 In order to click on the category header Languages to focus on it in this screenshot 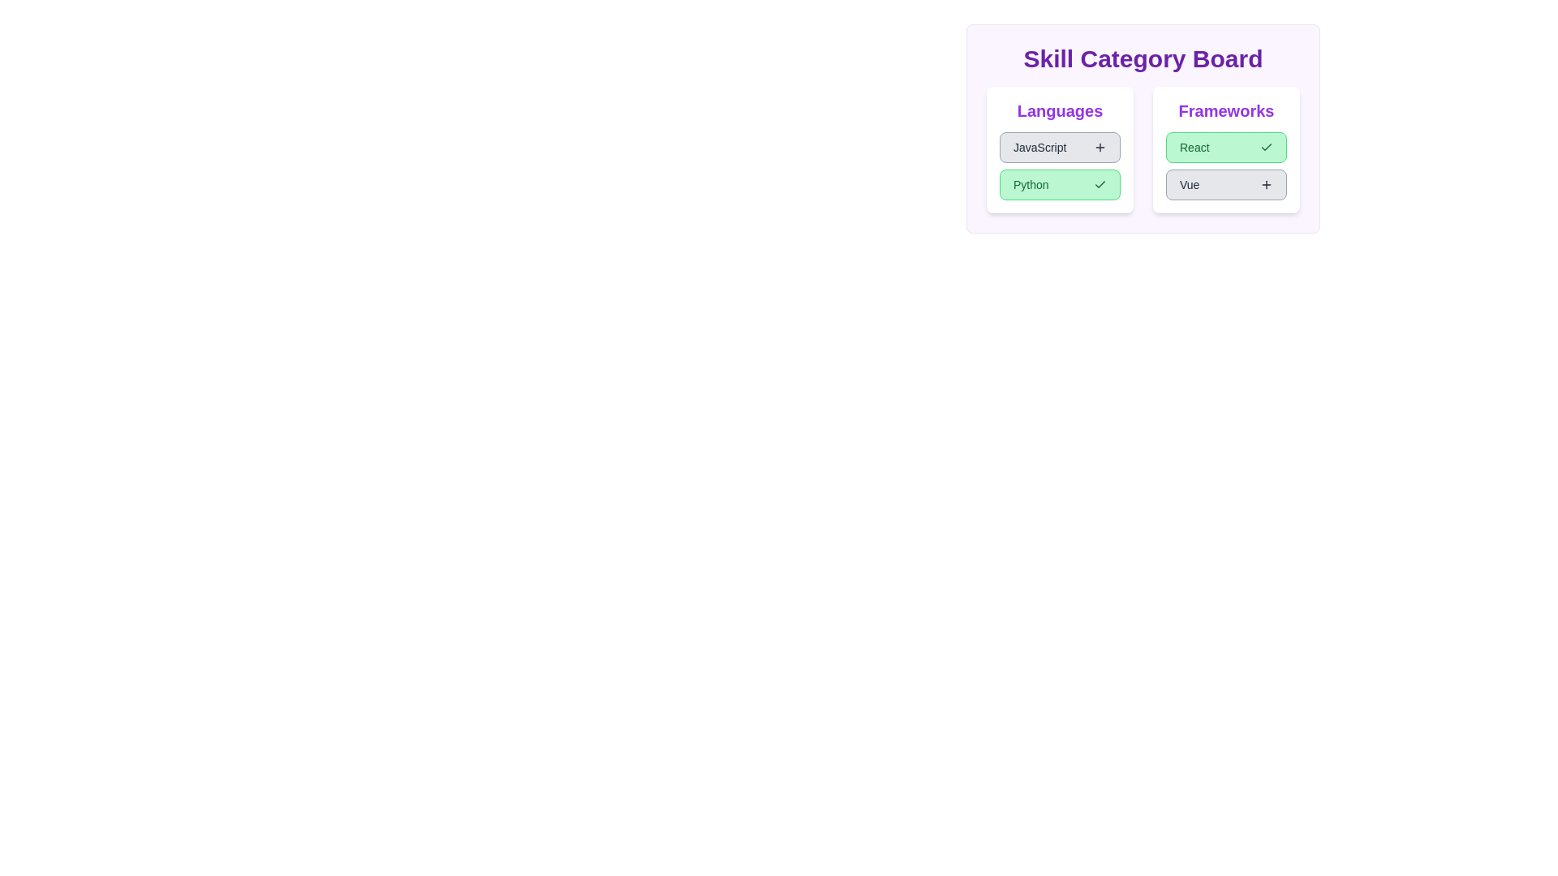, I will do `click(1060, 110)`.